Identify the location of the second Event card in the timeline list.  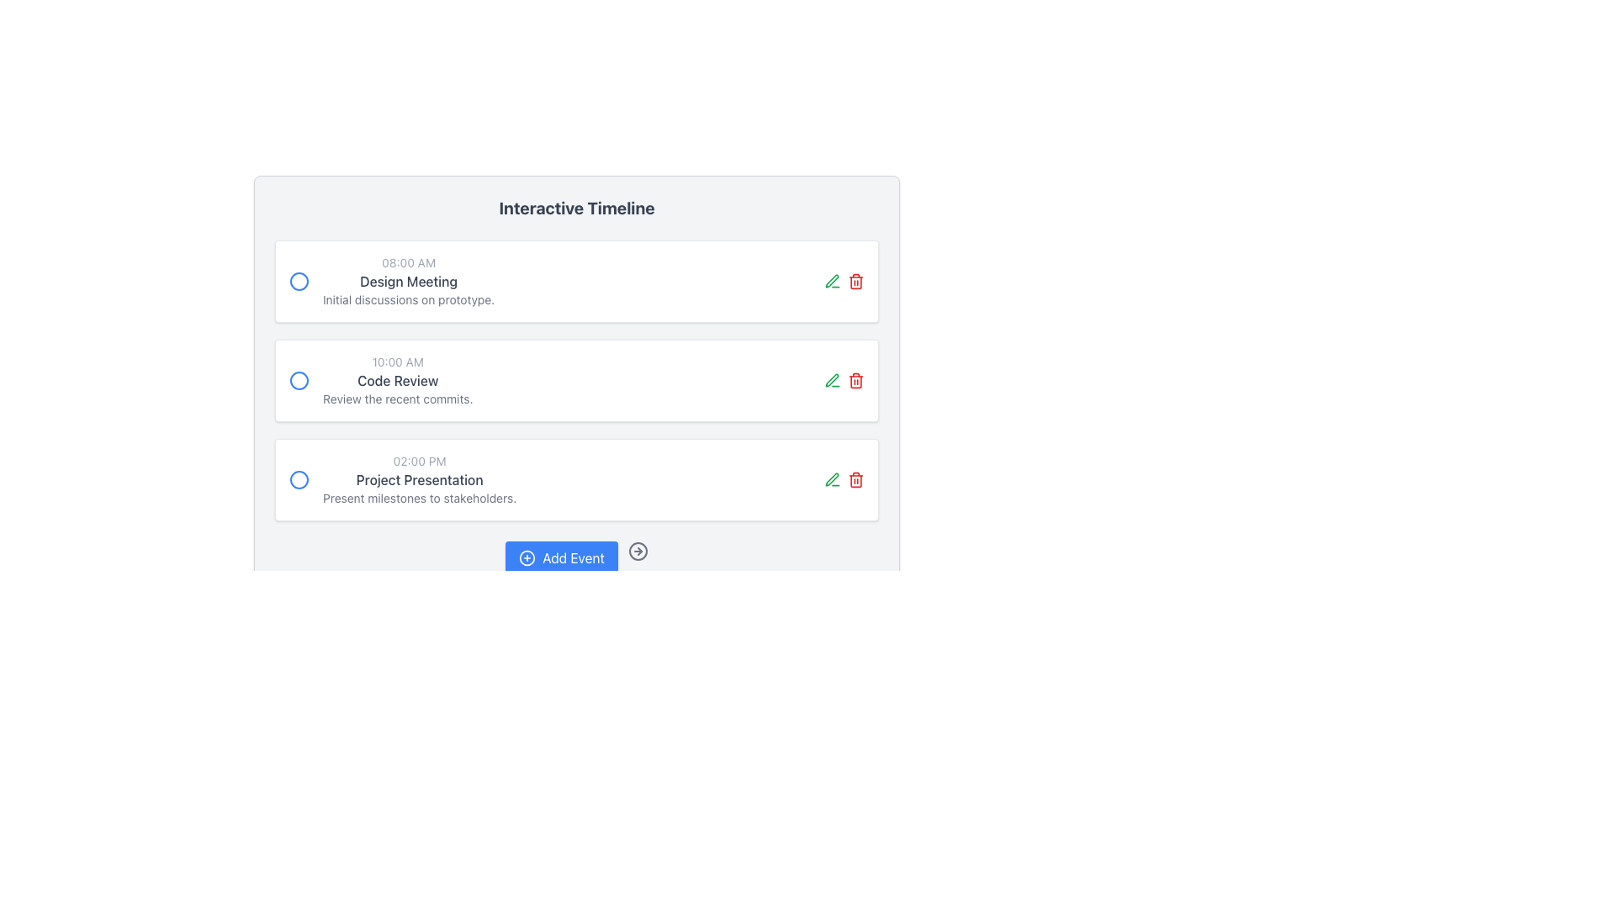
(577, 380).